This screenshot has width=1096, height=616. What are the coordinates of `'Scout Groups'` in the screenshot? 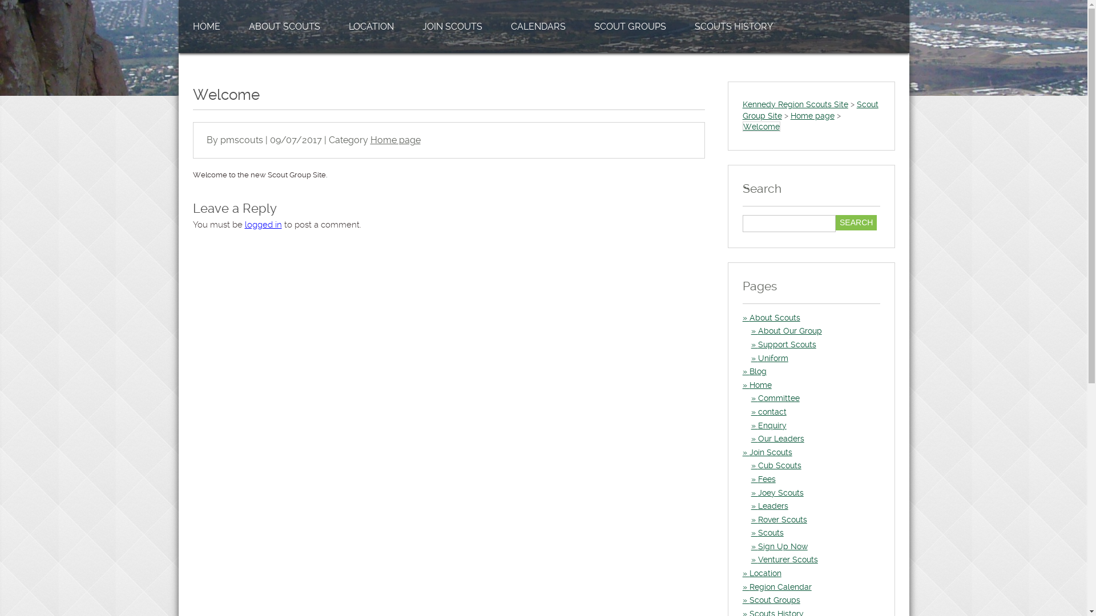 It's located at (742, 599).